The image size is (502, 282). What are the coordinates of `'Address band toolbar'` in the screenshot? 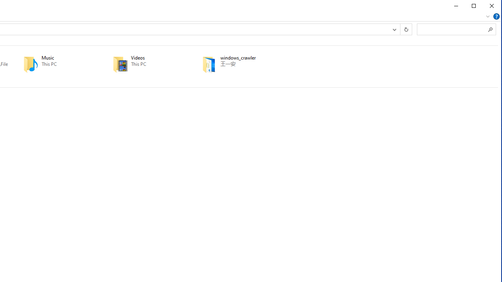 It's located at (400, 29).